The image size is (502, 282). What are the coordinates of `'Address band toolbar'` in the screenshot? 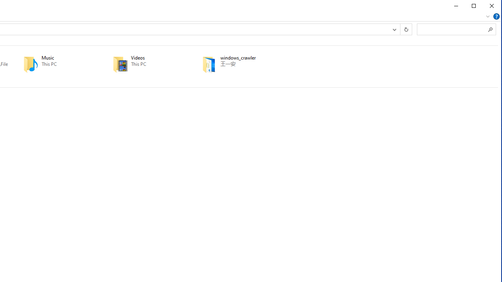 It's located at (400, 29).